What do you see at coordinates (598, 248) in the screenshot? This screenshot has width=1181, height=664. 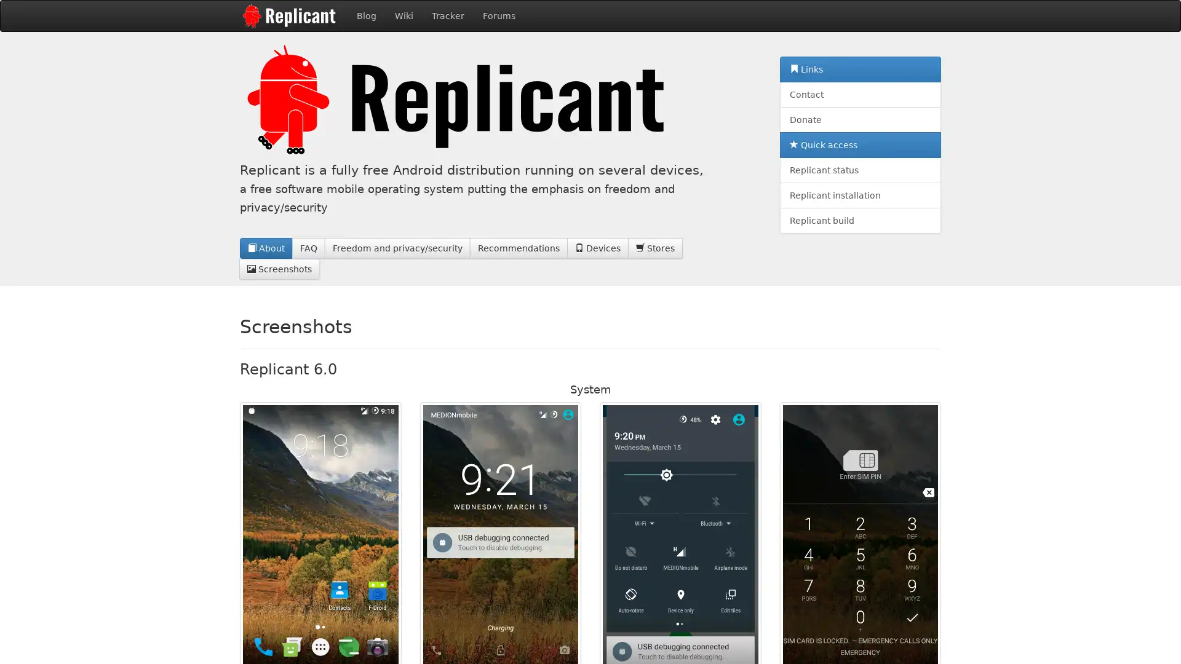 I see `Devices` at bounding box center [598, 248].